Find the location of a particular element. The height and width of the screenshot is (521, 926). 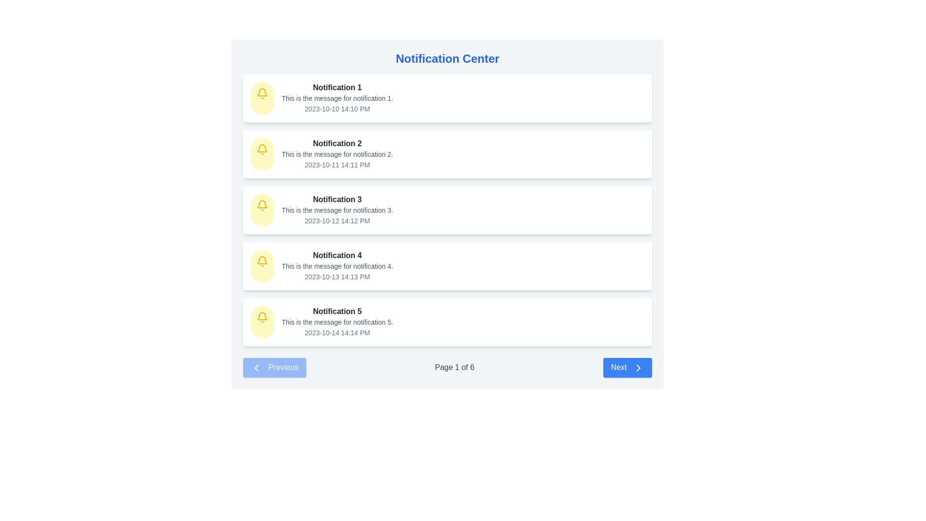

information displayed in the notification detail titled 'Notification 3', which includes the message 'This is the message for notification 3.' and the timestamp '2023-10-12 14:12 PM' is located at coordinates (337, 209).